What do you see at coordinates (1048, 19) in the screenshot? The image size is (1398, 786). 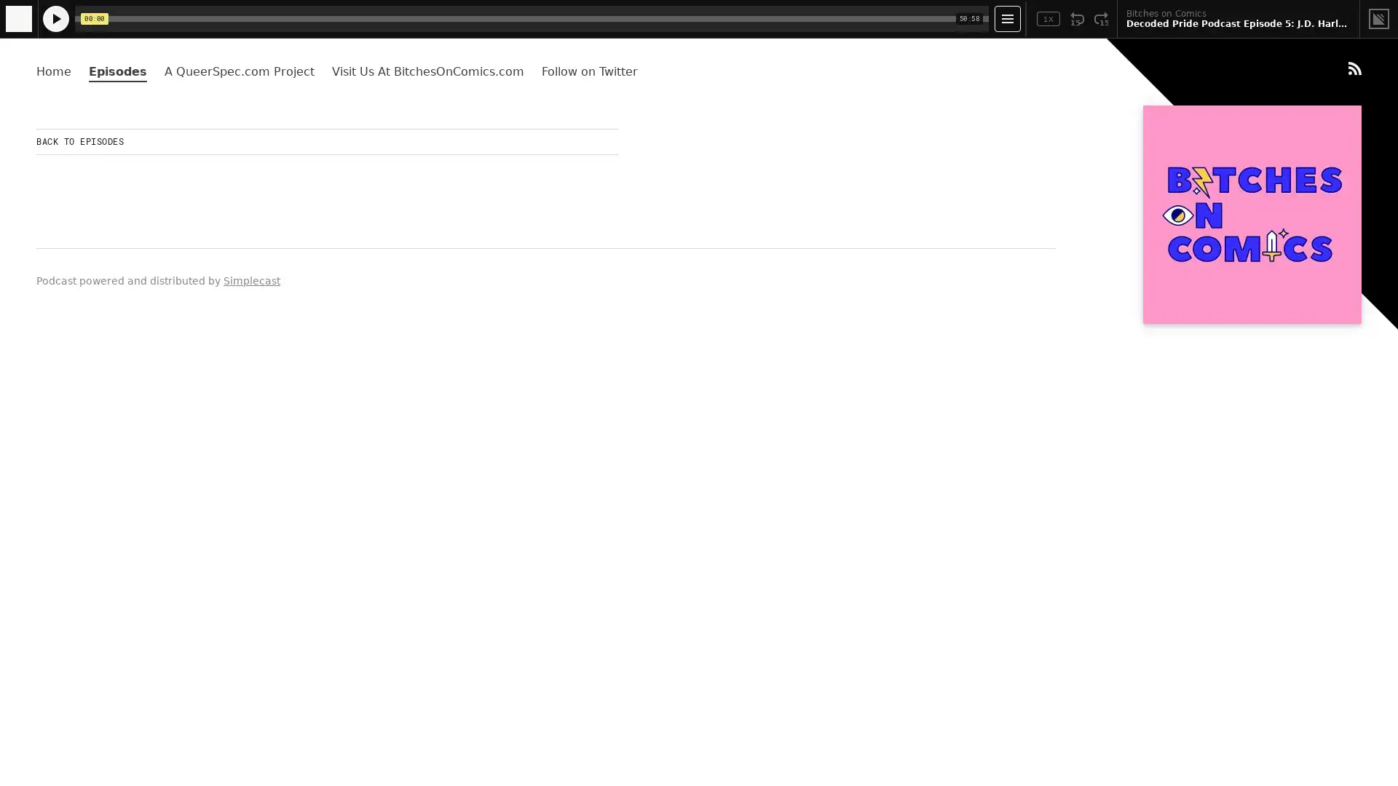 I see `Toggle Speed: Current Speed 1x` at bounding box center [1048, 19].